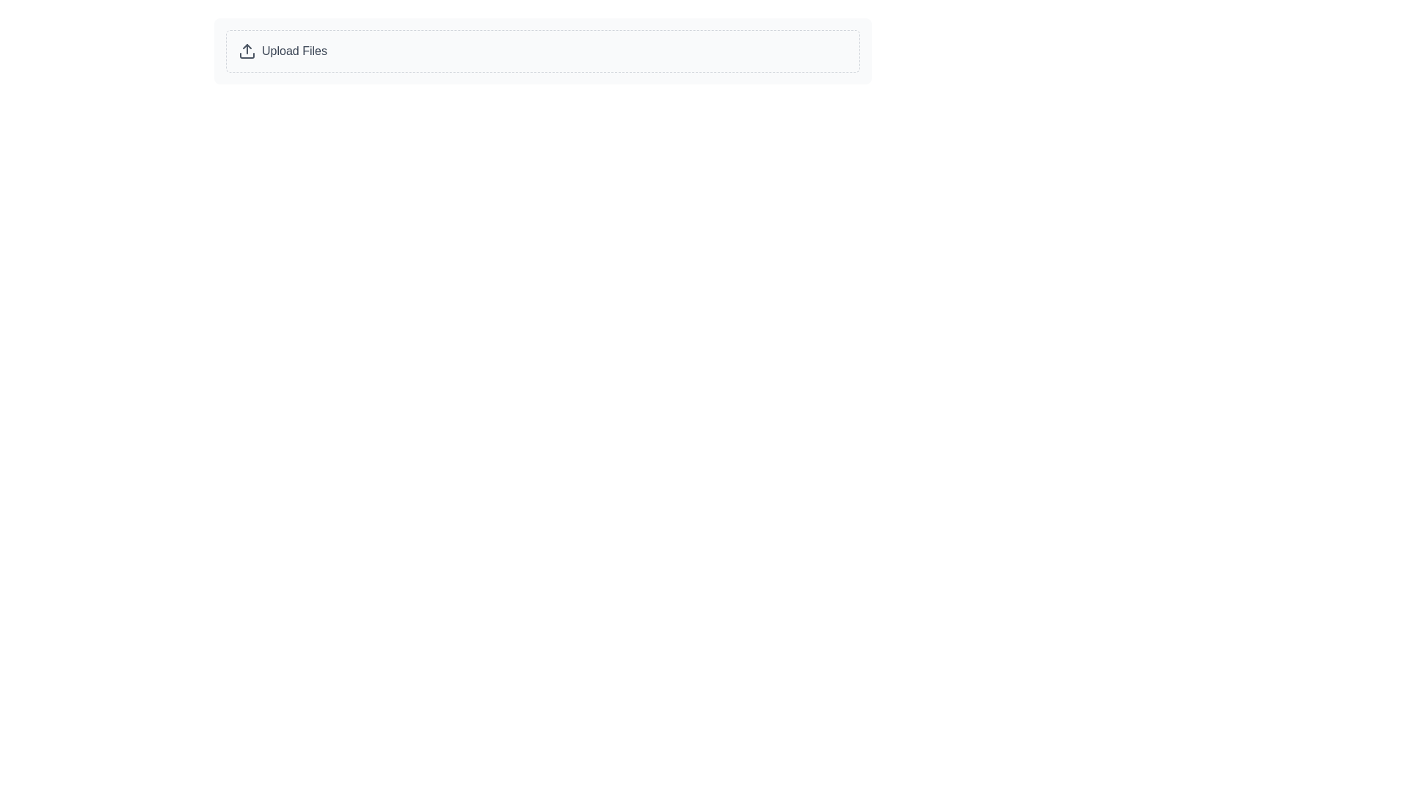  Describe the element at coordinates (542, 50) in the screenshot. I see `and drop files onto the interactive file upload region, which is a rectangular button-like field with a dashed boundary and an upward-pointing arrow icon followed by 'Upload Files' text` at that location.